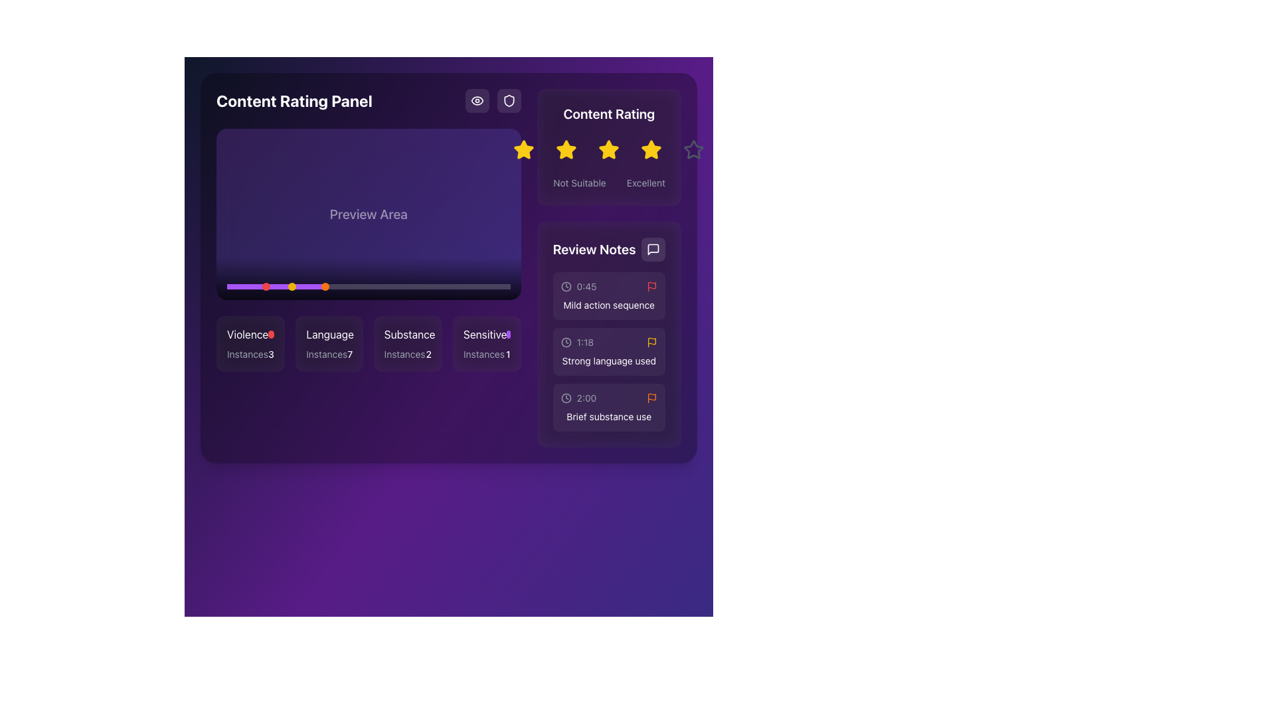 The width and height of the screenshot is (1275, 717). What do you see at coordinates (608, 334) in the screenshot?
I see `the Sectioned information box located on the right side of the Content Rating Panel, directly below the Content Rating section` at bounding box center [608, 334].